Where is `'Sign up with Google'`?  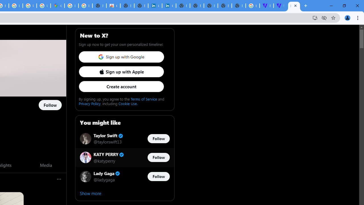
'Sign up with Google' is located at coordinates (121, 57).